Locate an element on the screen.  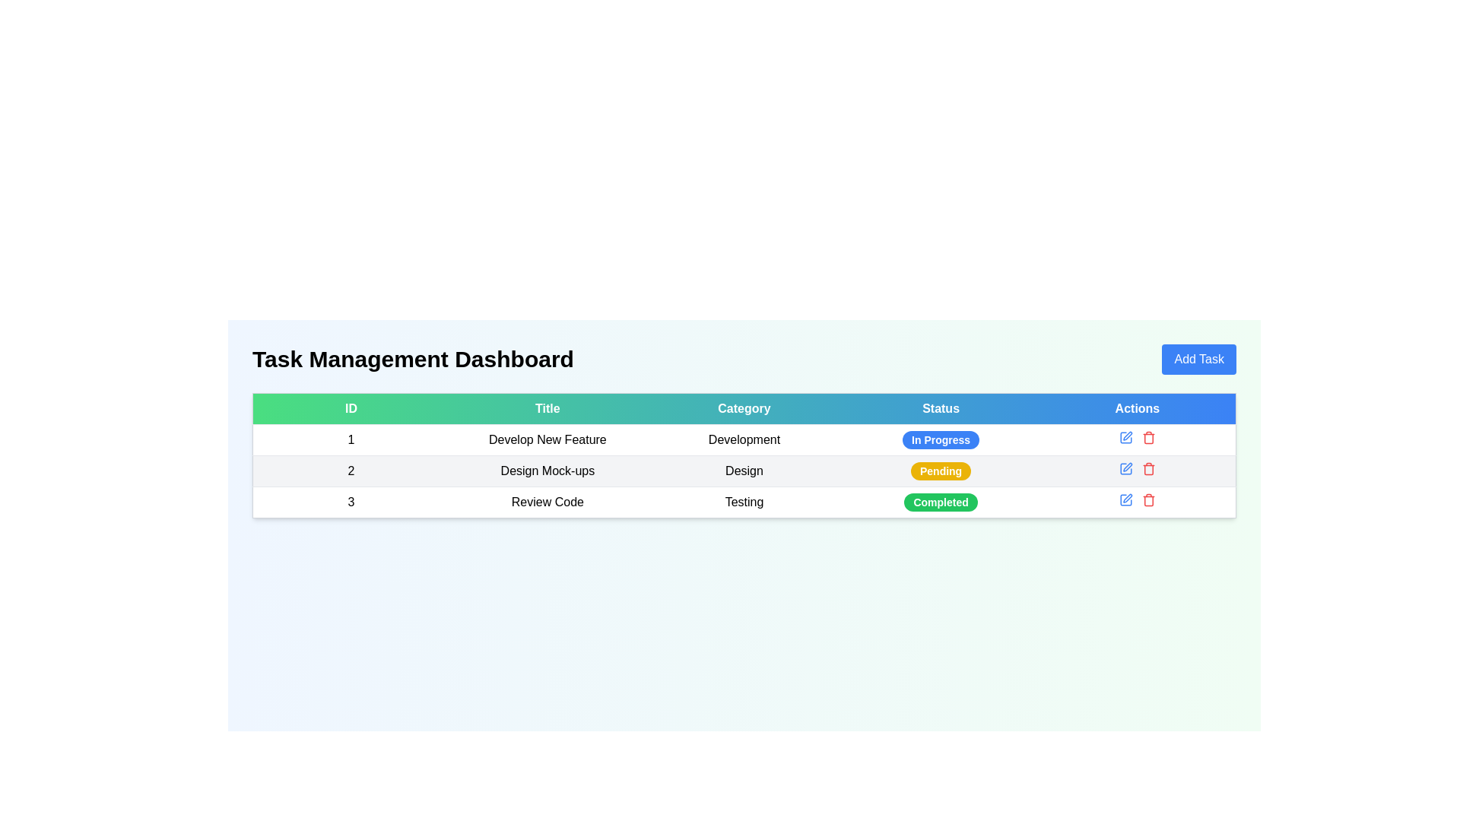
the 'Testing' text label in the third row of the table under the 'Category' column, which is displayed in bold, black font against a white background is located at coordinates (744, 502).